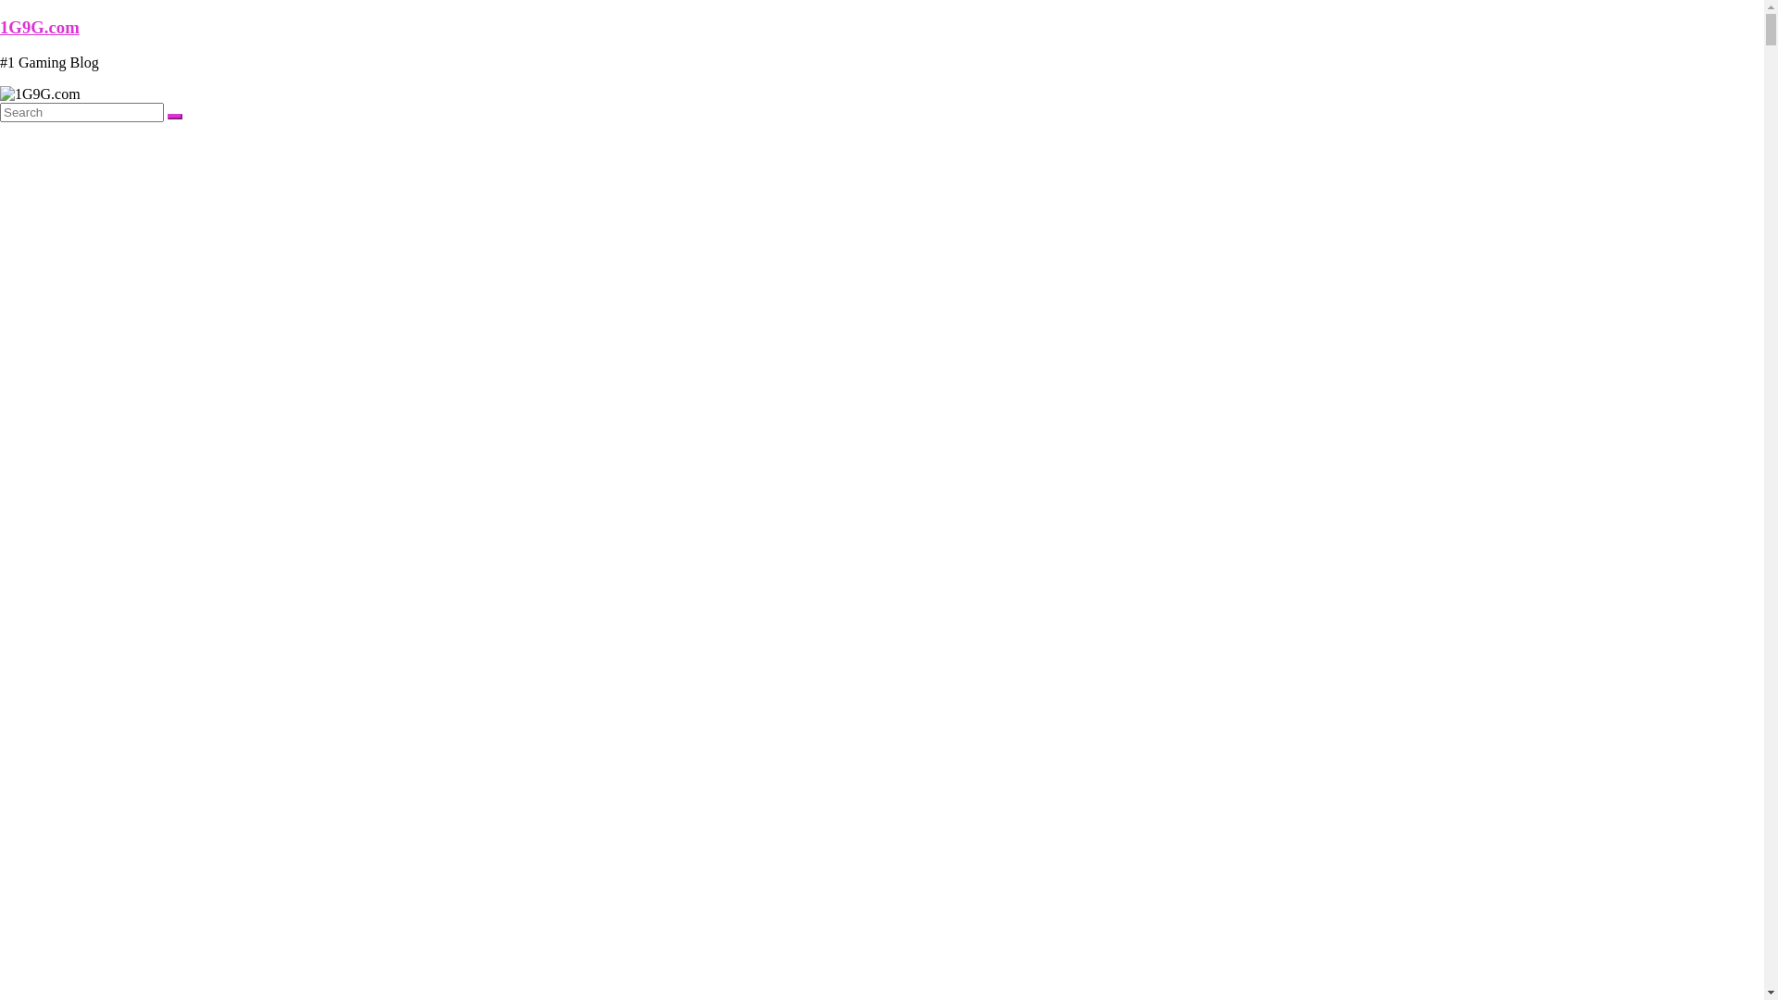 The image size is (1778, 1000). I want to click on '1G9G.com', so click(0, 27).